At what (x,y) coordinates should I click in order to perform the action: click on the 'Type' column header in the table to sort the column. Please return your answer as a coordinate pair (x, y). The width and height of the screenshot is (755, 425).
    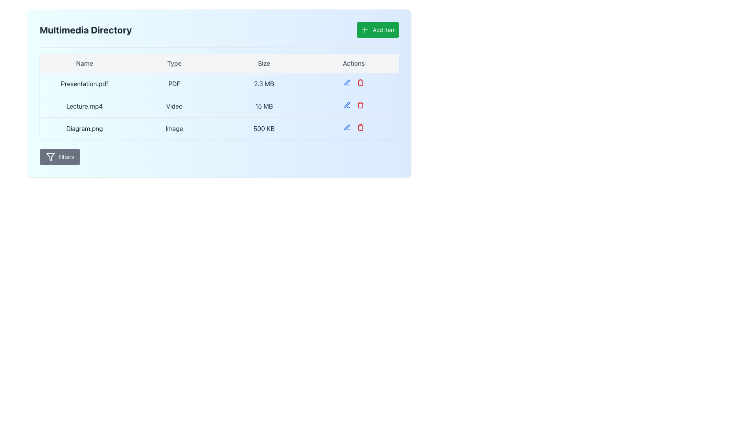
    Looking at the image, I should click on (174, 63).